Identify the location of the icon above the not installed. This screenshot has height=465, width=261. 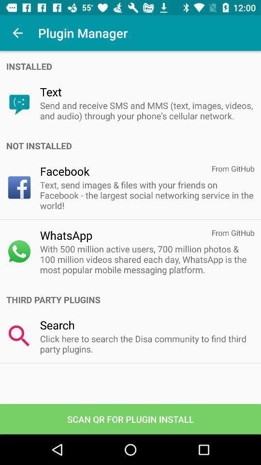
(146, 110).